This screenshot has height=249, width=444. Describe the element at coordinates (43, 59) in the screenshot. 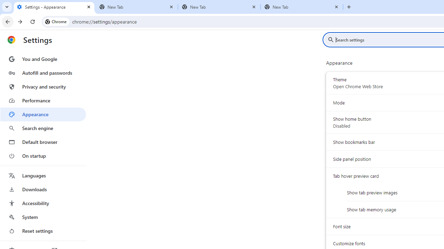

I see `'You and Google'` at that location.